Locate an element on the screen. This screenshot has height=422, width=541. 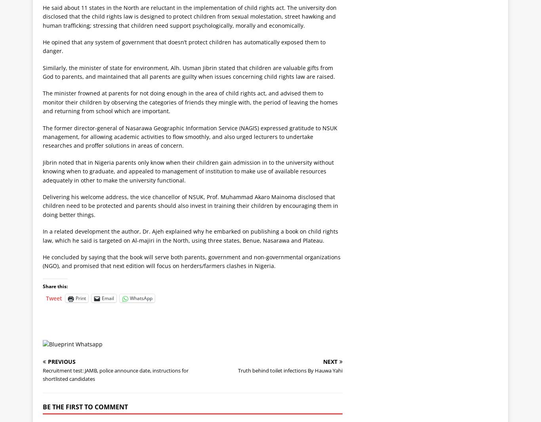
'Truth behind toilet infections By Hauwa Yahi' is located at coordinates (290, 370).